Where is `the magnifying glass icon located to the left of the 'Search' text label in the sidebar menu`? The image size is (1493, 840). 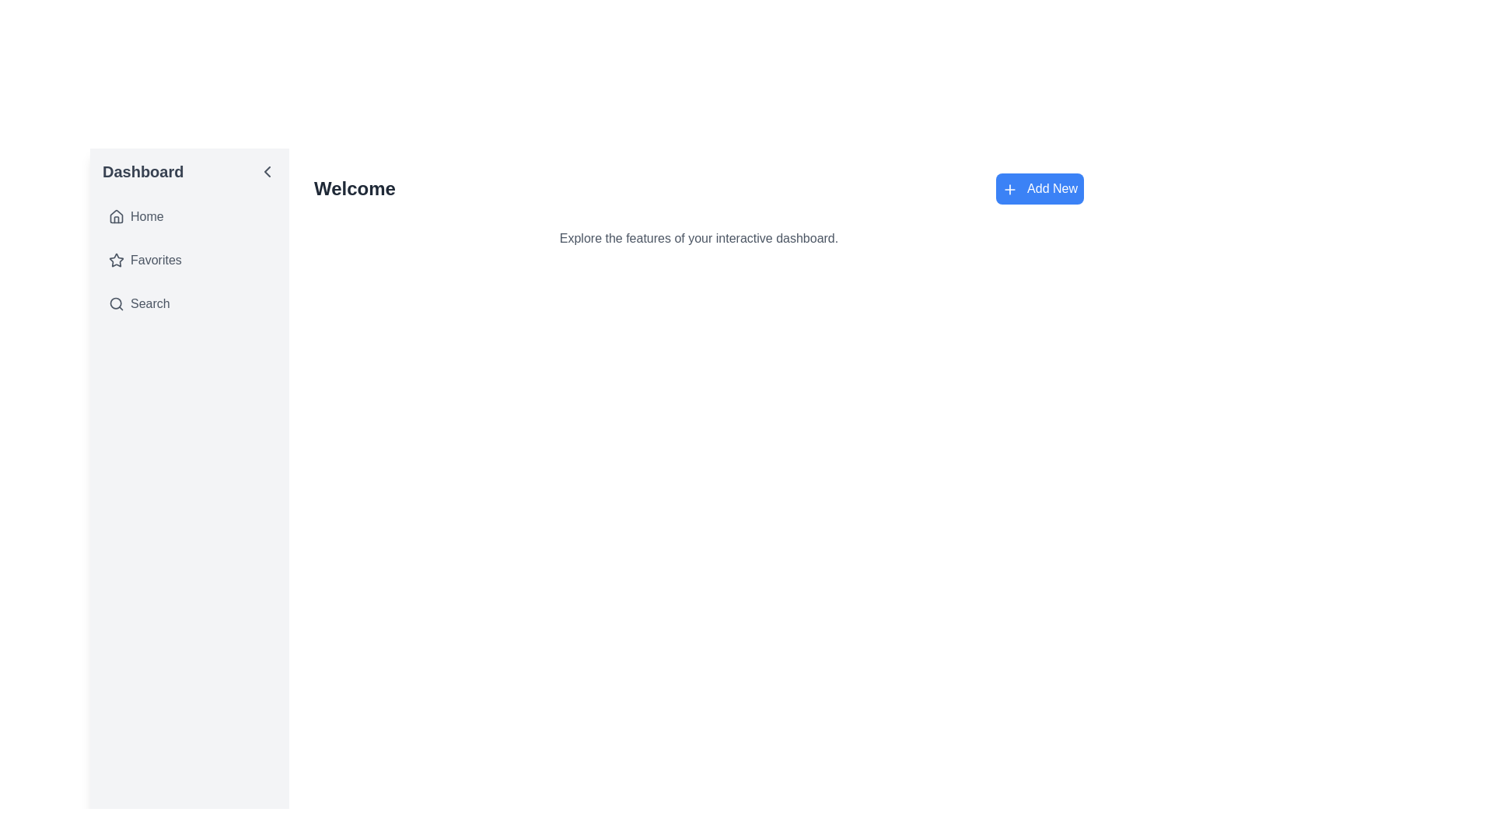 the magnifying glass icon located to the left of the 'Search' text label in the sidebar menu is located at coordinates (115, 303).